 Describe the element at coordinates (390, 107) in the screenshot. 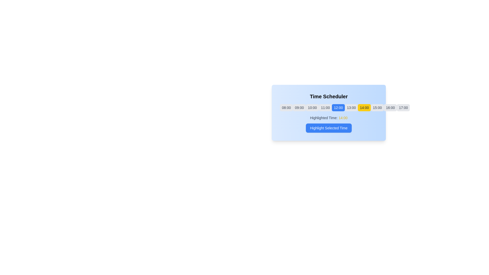

I see `the rectangular button labeled '16:00' to trigger its hover effect, which changes the background color to a slightly darker gray` at that location.